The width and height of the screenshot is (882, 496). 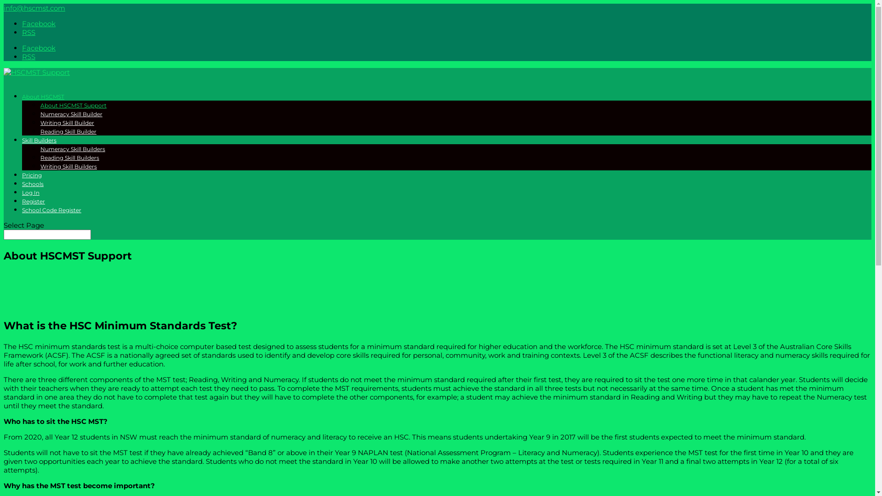 What do you see at coordinates (22, 48) in the screenshot?
I see `'Facebook'` at bounding box center [22, 48].